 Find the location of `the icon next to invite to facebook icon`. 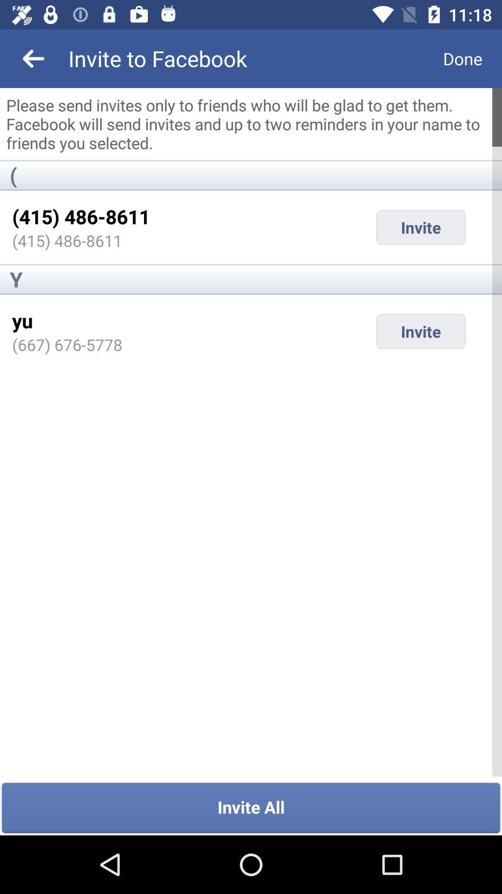

the icon next to invite to facebook icon is located at coordinates (462, 58).